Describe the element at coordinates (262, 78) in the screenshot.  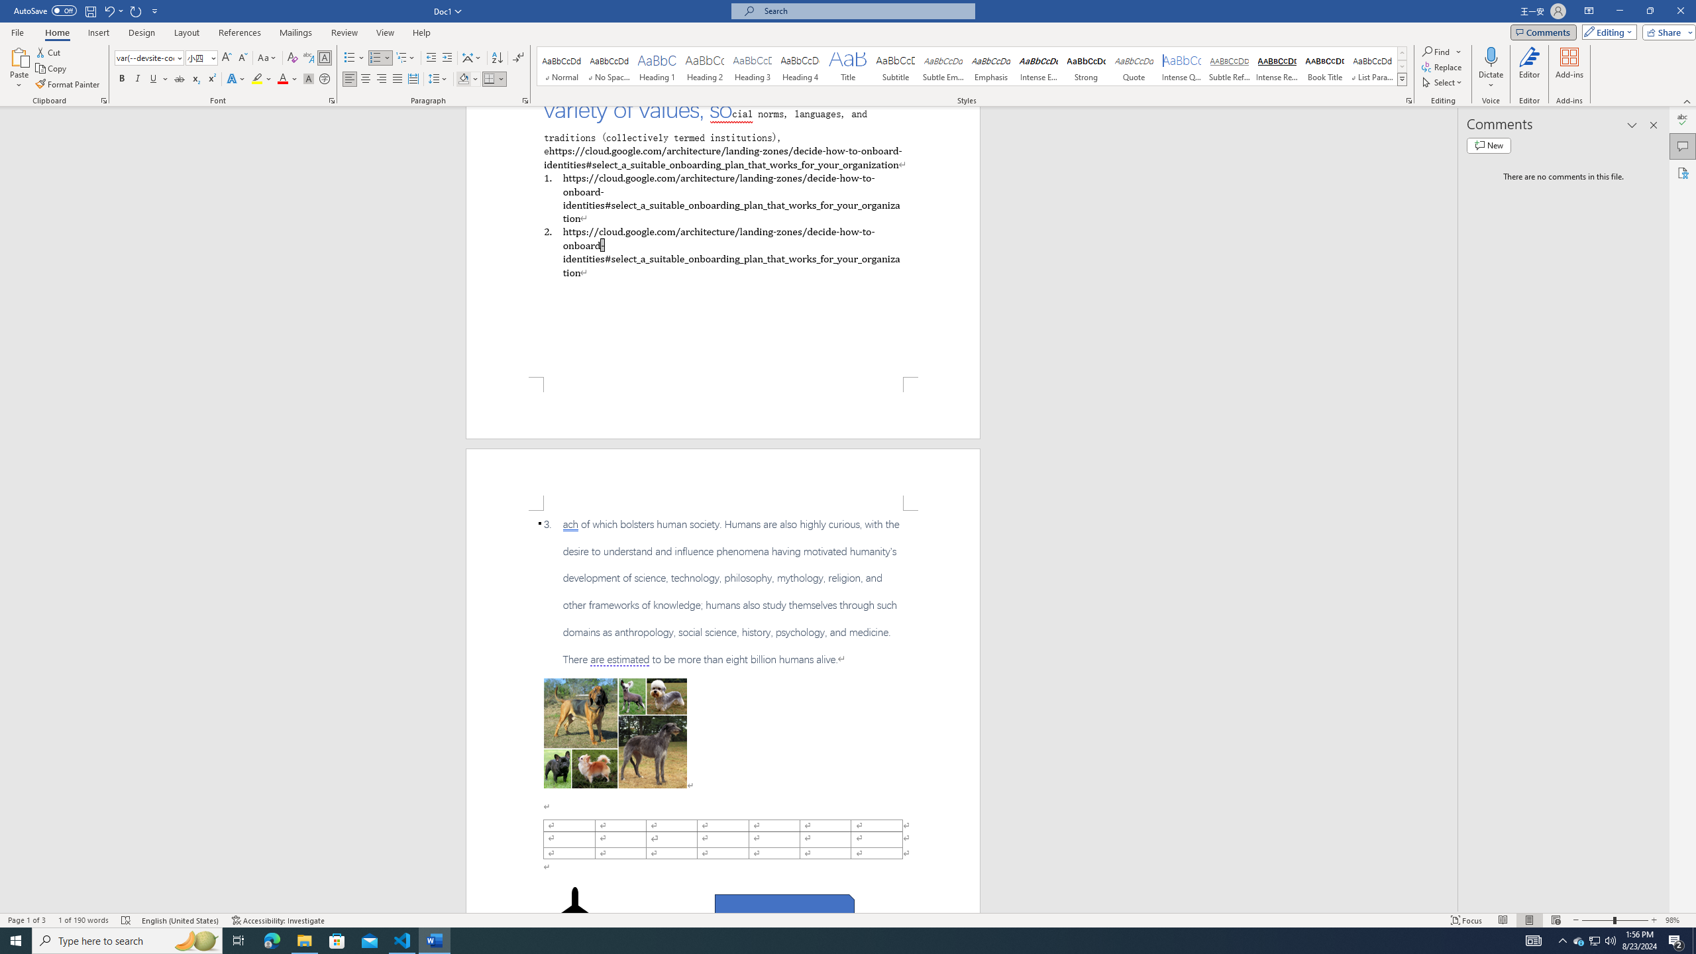
I see `'Text Highlight Color'` at that location.